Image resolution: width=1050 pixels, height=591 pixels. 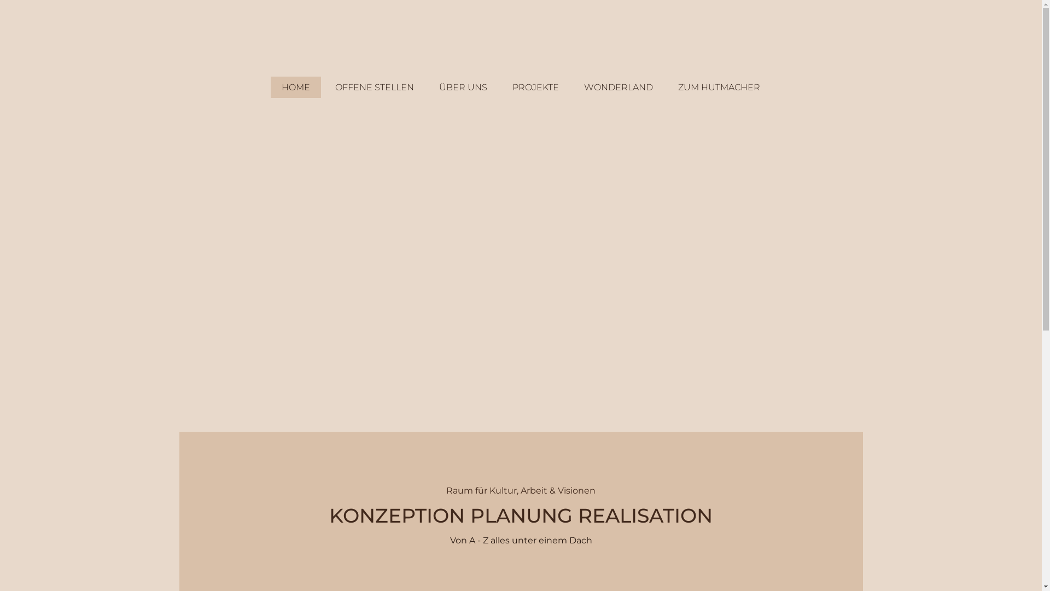 I want to click on 'PROJEKTE', so click(x=535, y=86).